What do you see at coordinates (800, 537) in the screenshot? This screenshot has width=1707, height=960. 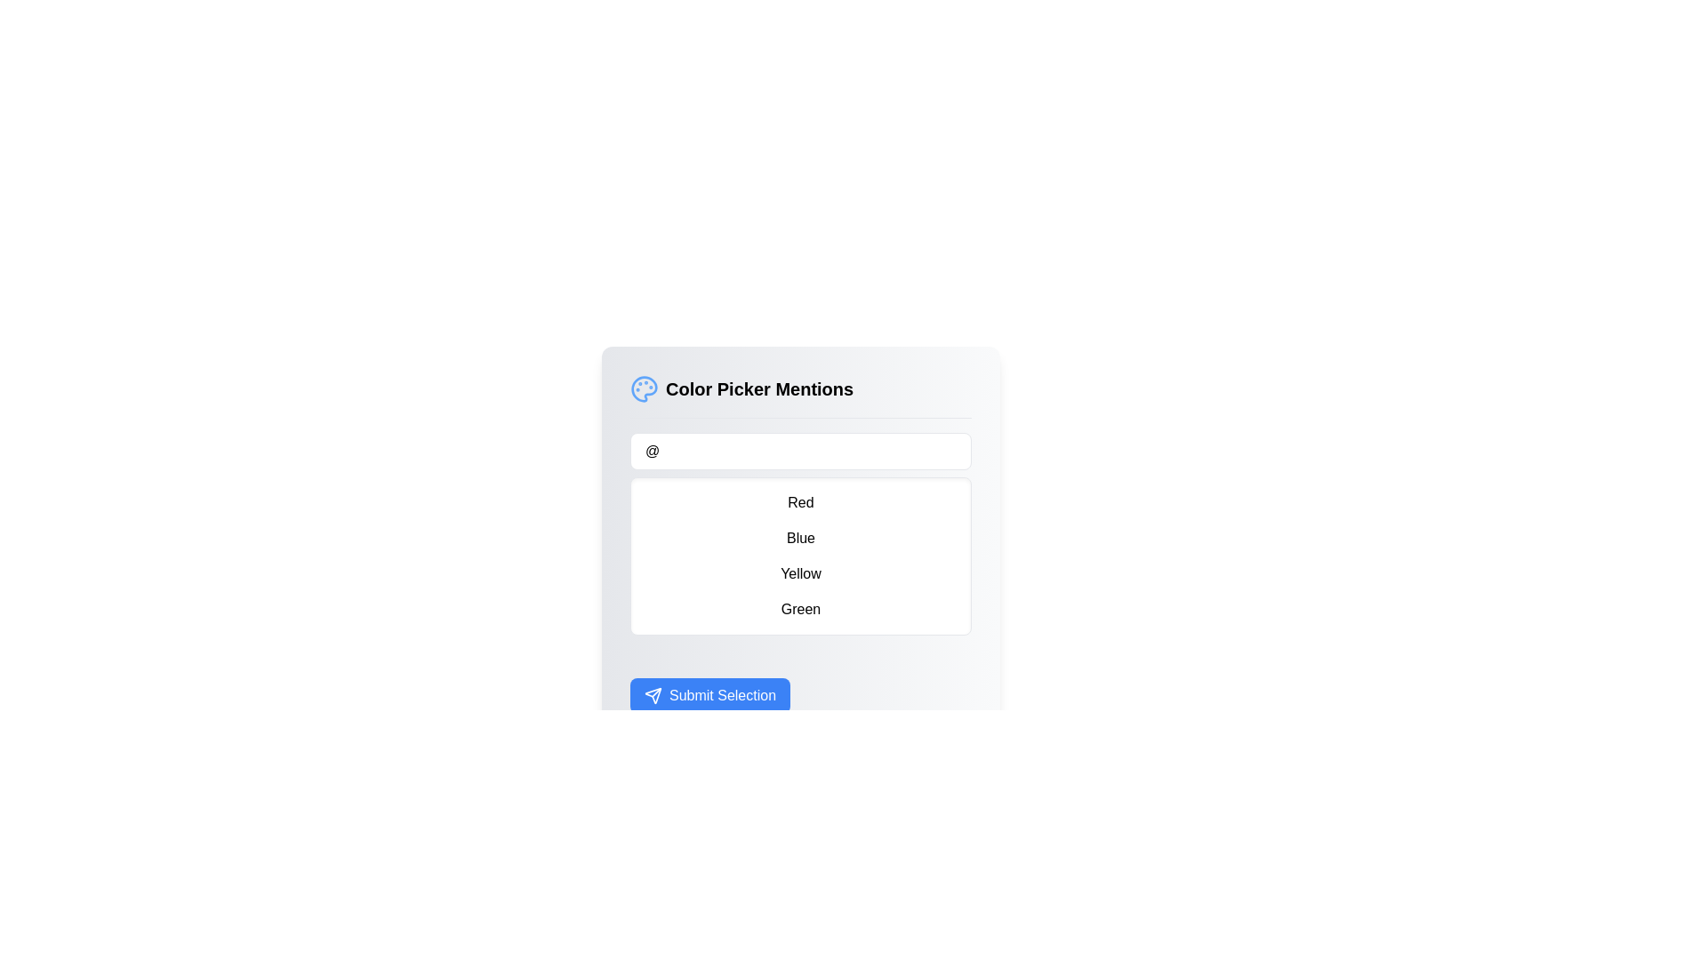 I see `the 'Blue' option button located under the 'Color Picker Mentions' header` at bounding box center [800, 537].